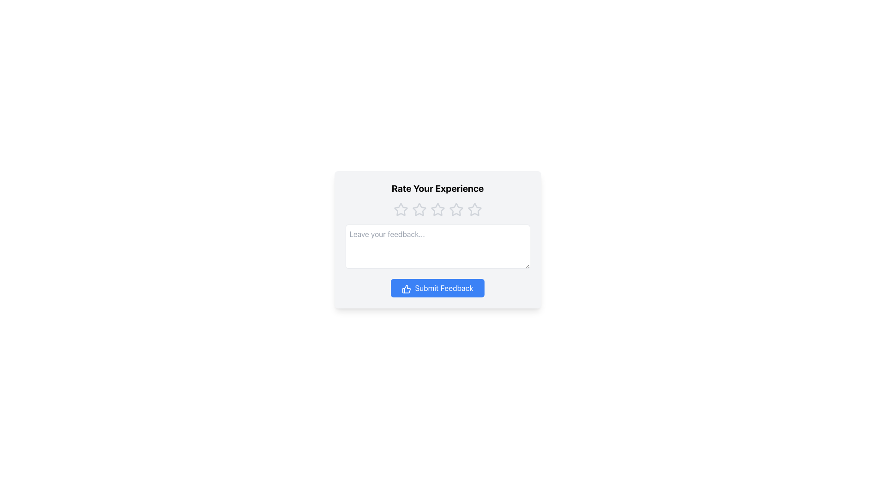 This screenshot has height=498, width=886. I want to click on the first star icon in the star-based rating system, so click(401, 209).